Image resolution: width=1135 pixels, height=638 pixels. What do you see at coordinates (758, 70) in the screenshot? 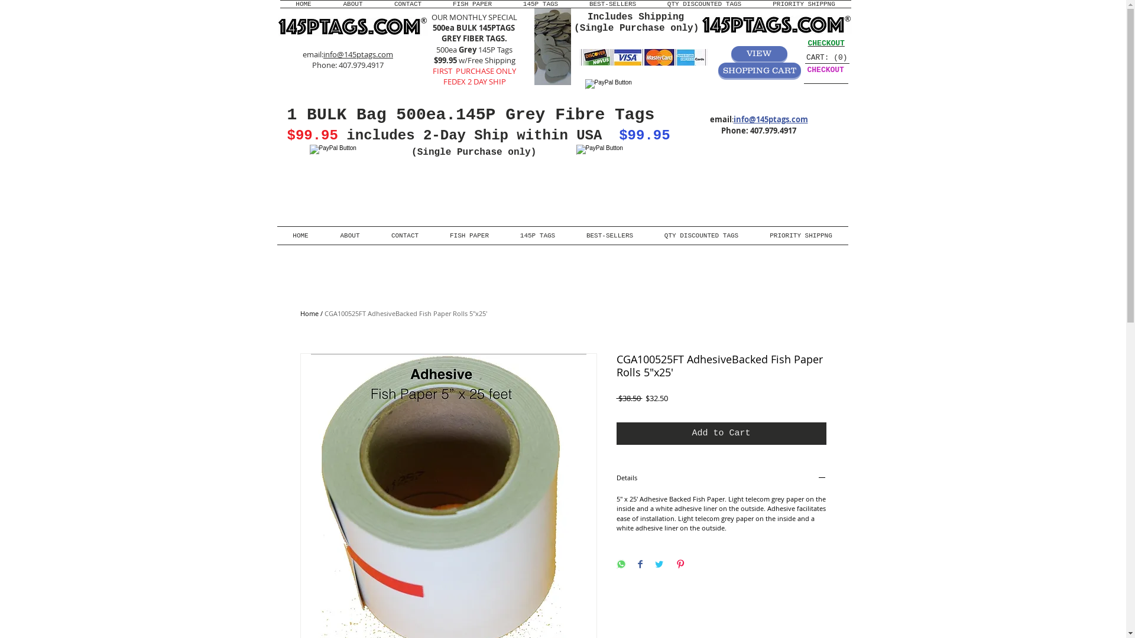
I see `'SHOPPING CART'` at bounding box center [758, 70].